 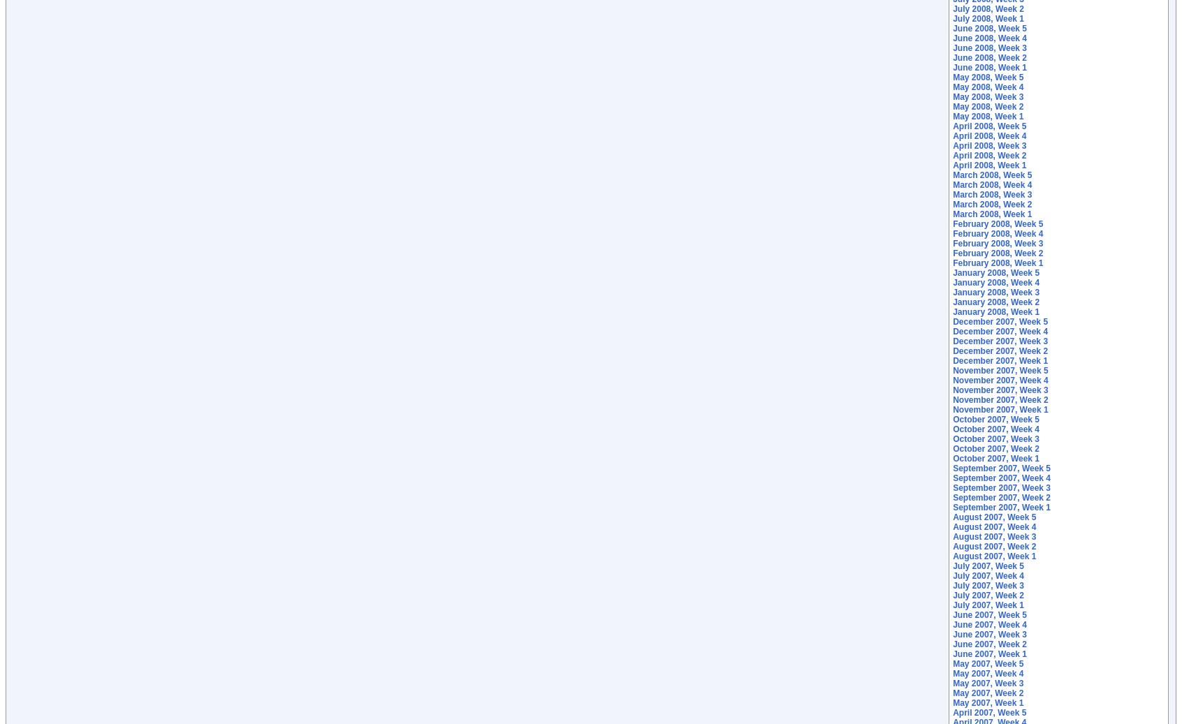 I want to click on 'April 2008, Week 4', so click(x=988, y=135).